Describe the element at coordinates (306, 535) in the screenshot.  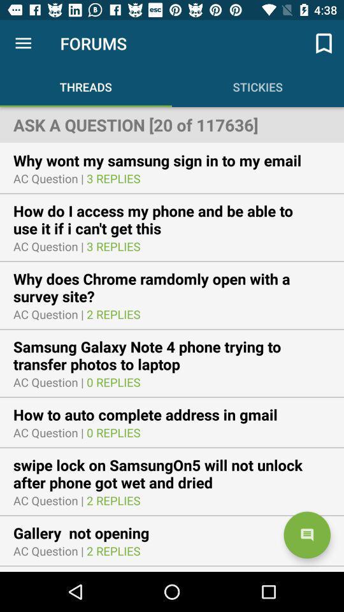
I see `the chat icon` at that location.